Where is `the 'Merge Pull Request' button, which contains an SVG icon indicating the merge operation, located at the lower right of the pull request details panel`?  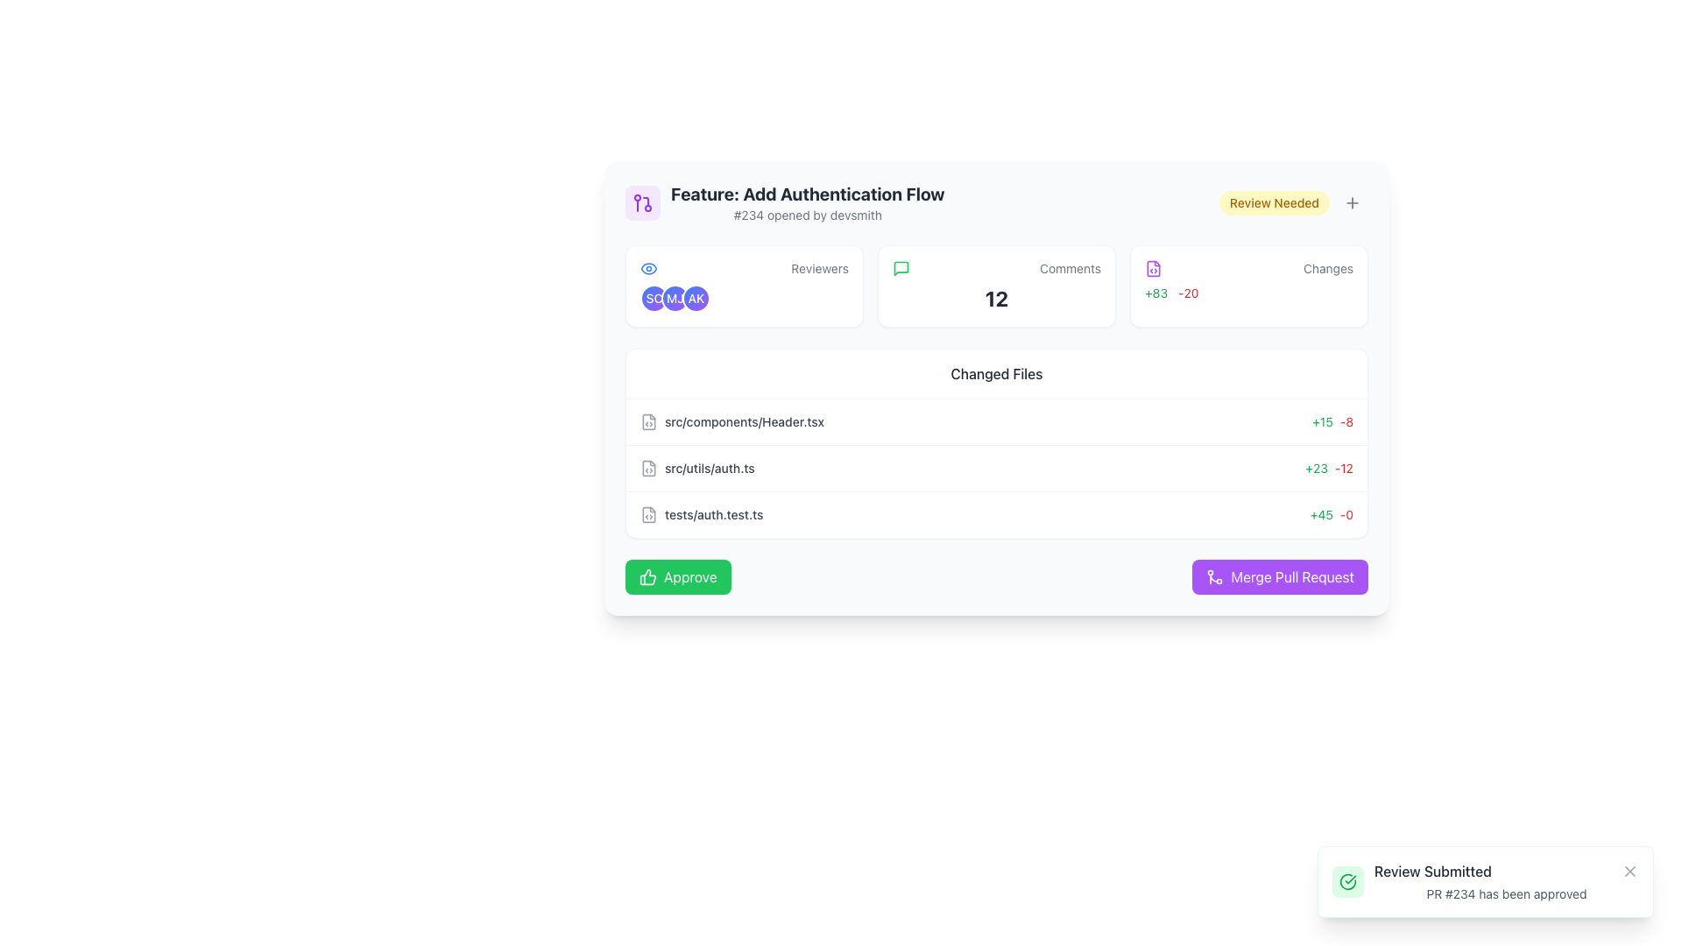 the 'Merge Pull Request' button, which contains an SVG icon indicating the merge operation, located at the lower right of the pull request details panel is located at coordinates (1214, 577).